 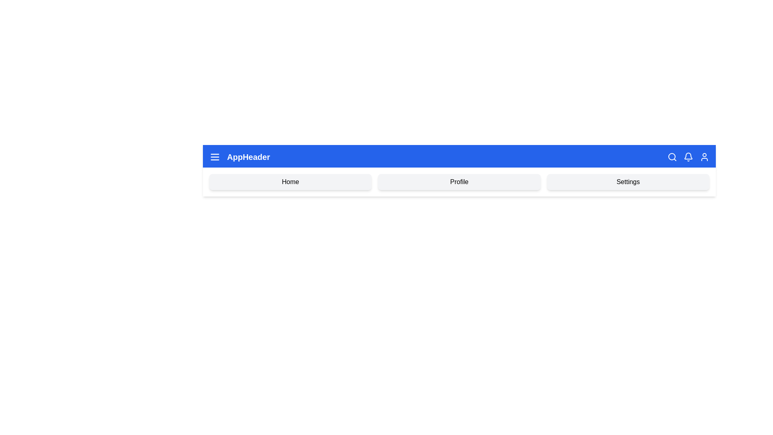 I want to click on the 'Profile' button to navigate to the 'Profile' section, so click(x=459, y=182).